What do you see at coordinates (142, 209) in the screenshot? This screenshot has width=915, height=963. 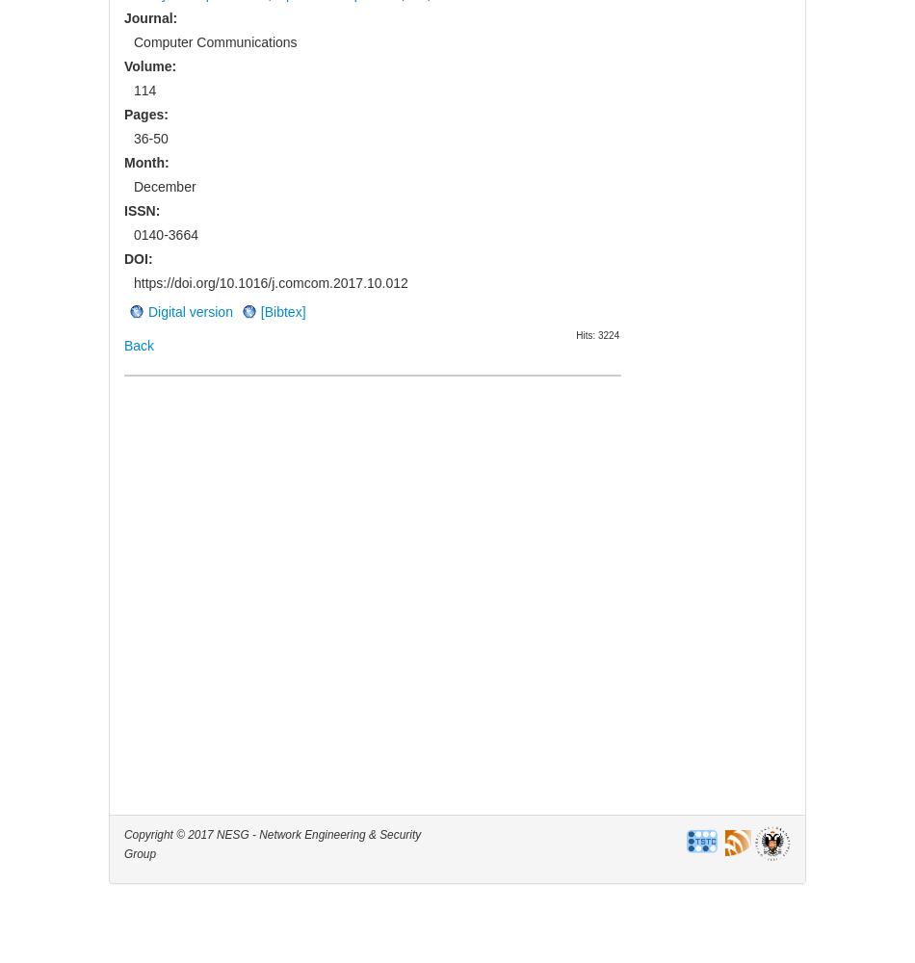 I see `'ISSN:'` at bounding box center [142, 209].